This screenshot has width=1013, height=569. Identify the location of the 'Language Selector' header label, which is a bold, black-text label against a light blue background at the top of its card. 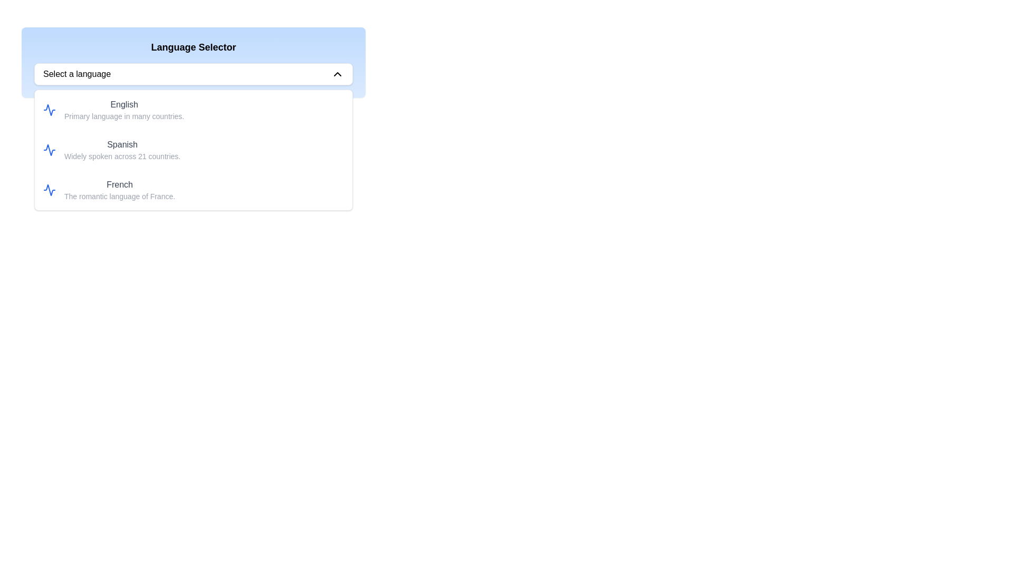
(193, 46).